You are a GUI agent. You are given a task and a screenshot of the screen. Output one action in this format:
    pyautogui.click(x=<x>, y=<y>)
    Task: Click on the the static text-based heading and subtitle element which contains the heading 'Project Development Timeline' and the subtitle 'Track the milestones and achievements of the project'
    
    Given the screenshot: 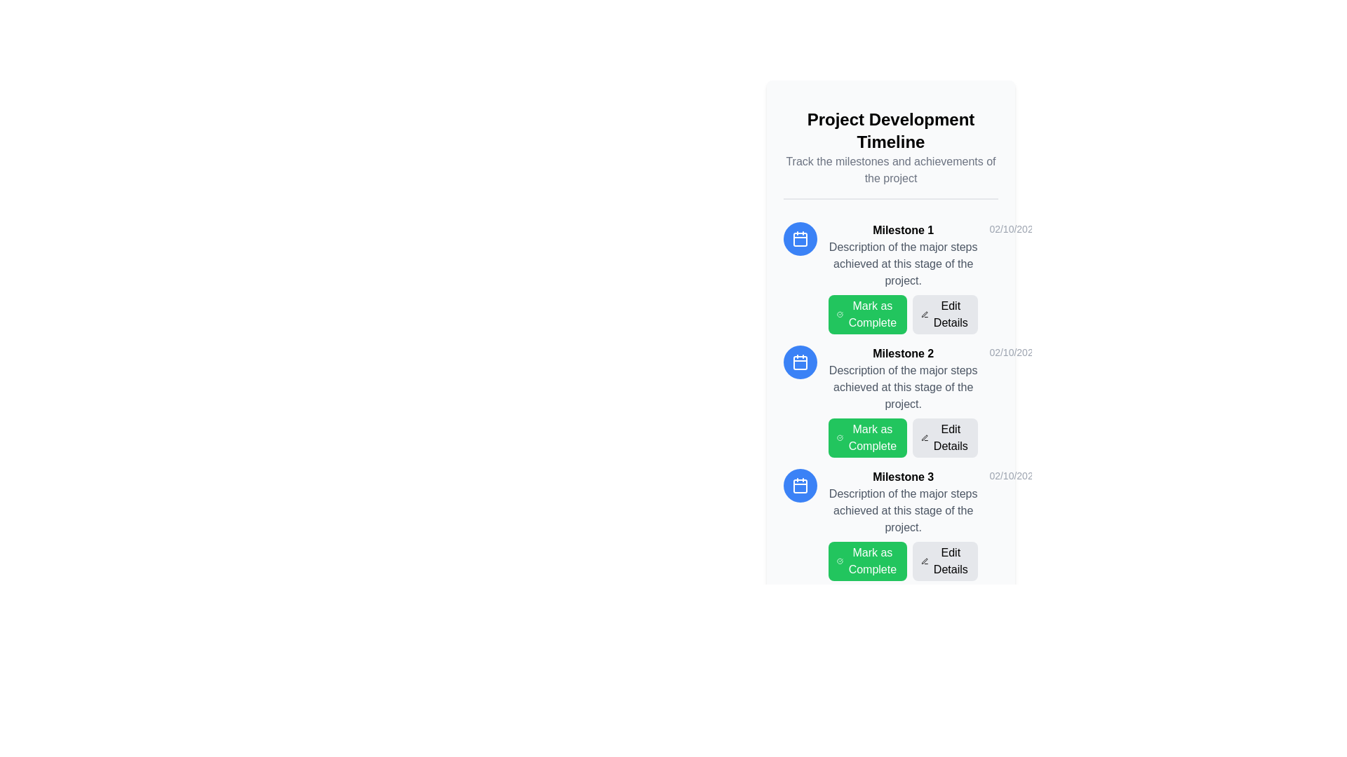 What is the action you would take?
    pyautogui.click(x=890, y=149)
    